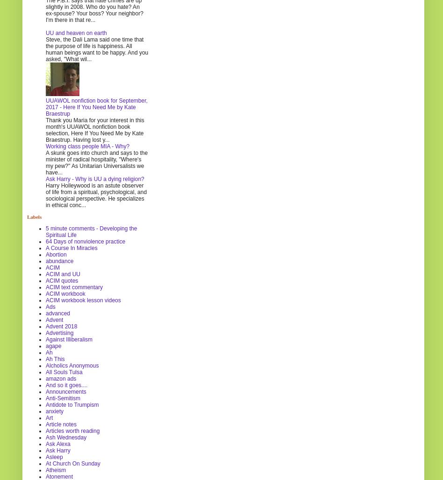 The image size is (443, 480). What do you see at coordinates (62, 273) in the screenshot?
I see `'ACIM and UU'` at bounding box center [62, 273].